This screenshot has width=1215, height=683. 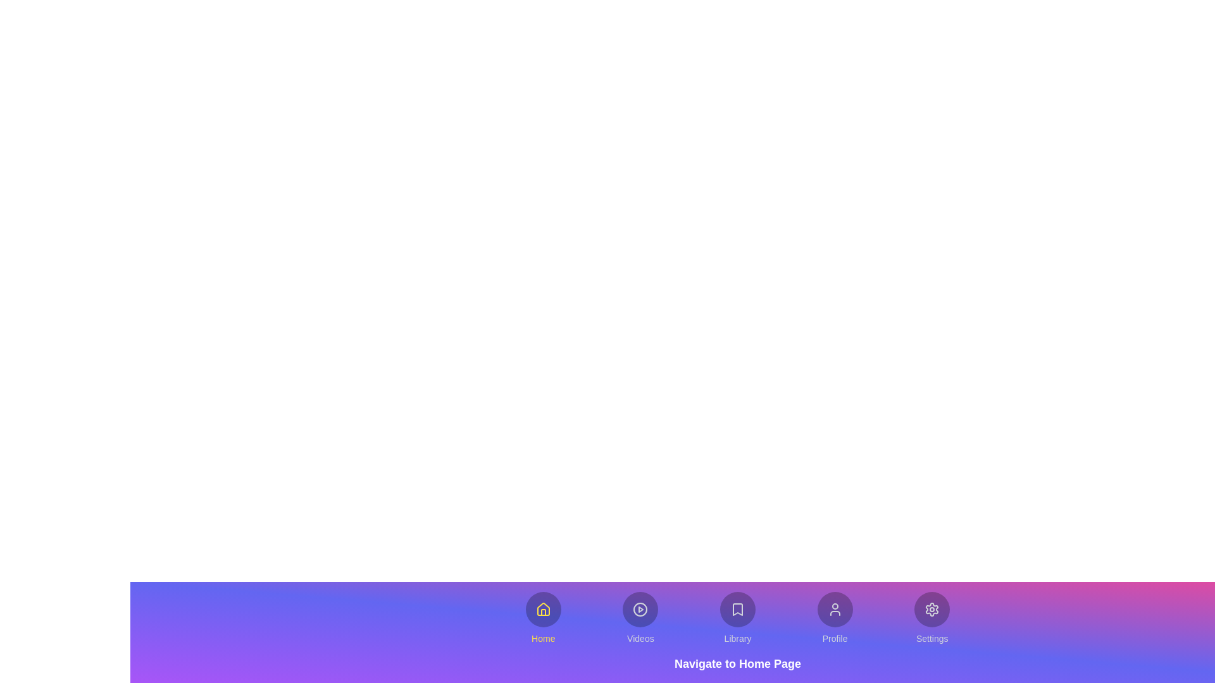 I want to click on the tab labeled Library in the navigation bar, so click(x=738, y=618).